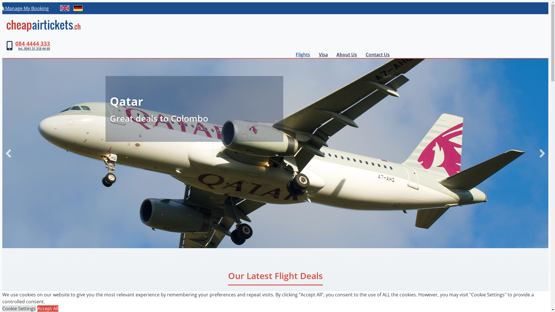 The height and width of the screenshot is (312, 555). Describe the element at coordinates (2, 308) in the screenshot. I see `'Cookie Settings'` at that location.